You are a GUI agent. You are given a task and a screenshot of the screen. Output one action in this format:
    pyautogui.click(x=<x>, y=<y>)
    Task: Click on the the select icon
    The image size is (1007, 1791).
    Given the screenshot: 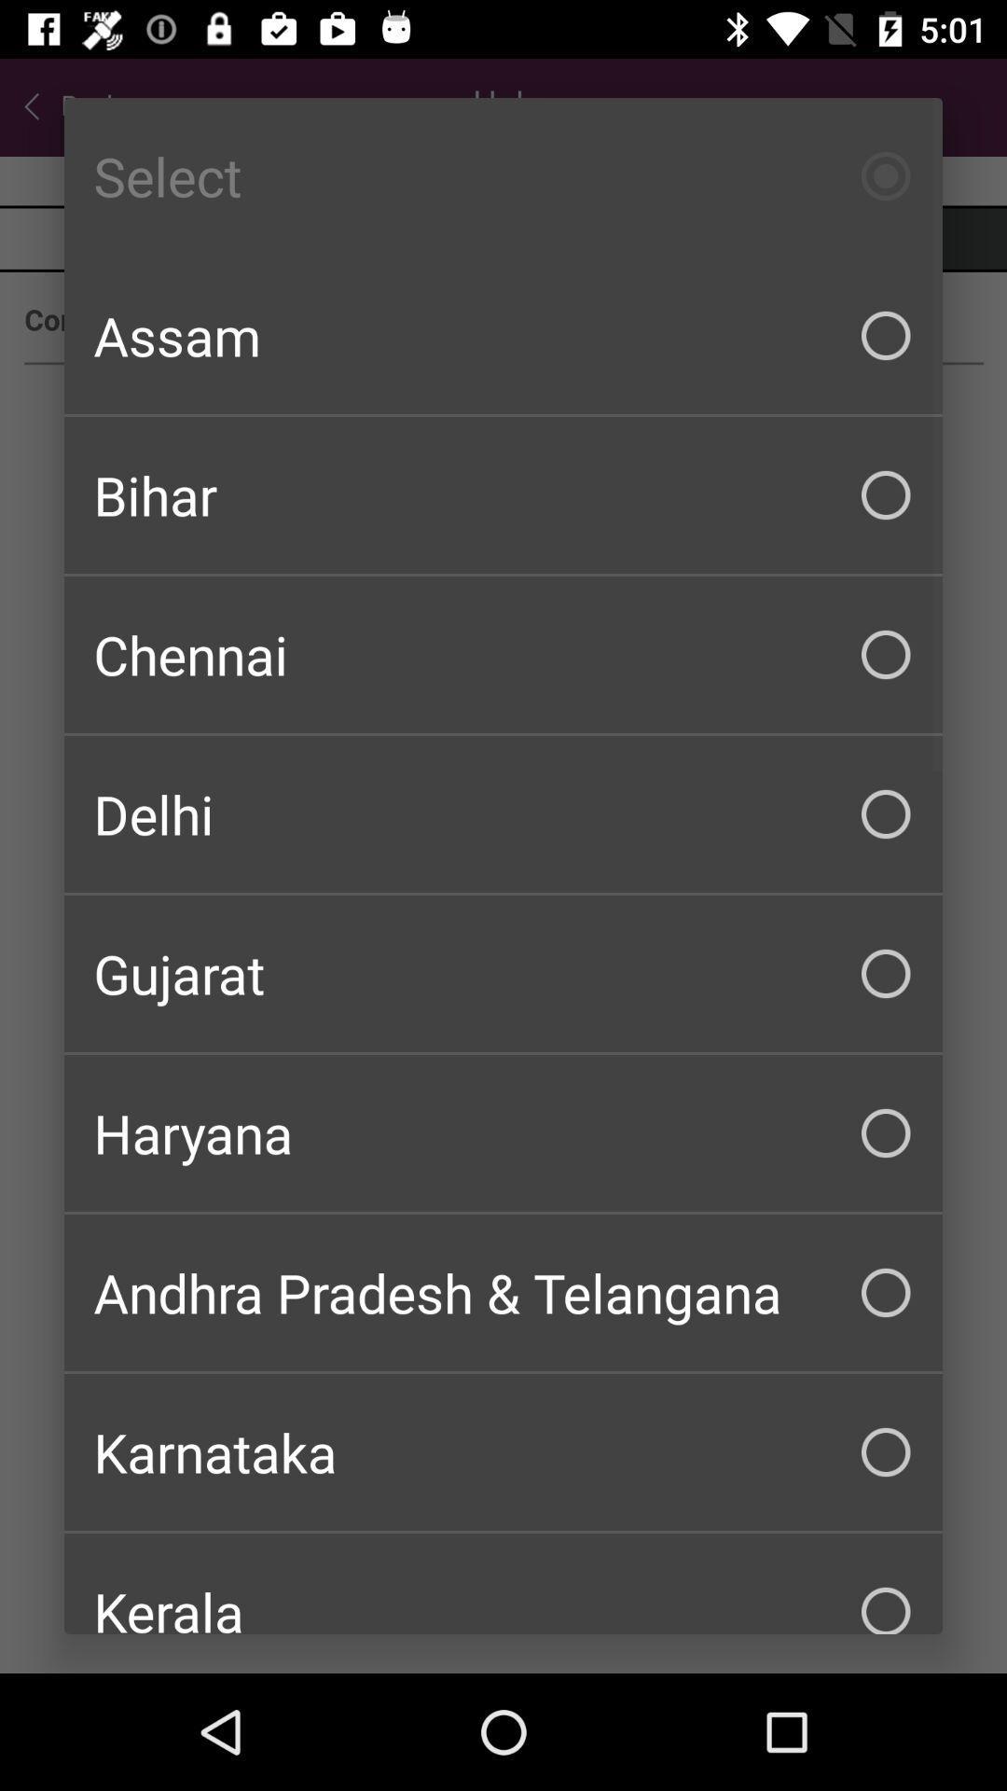 What is the action you would take?
    pyautogui.click(x=504, y=175)
    